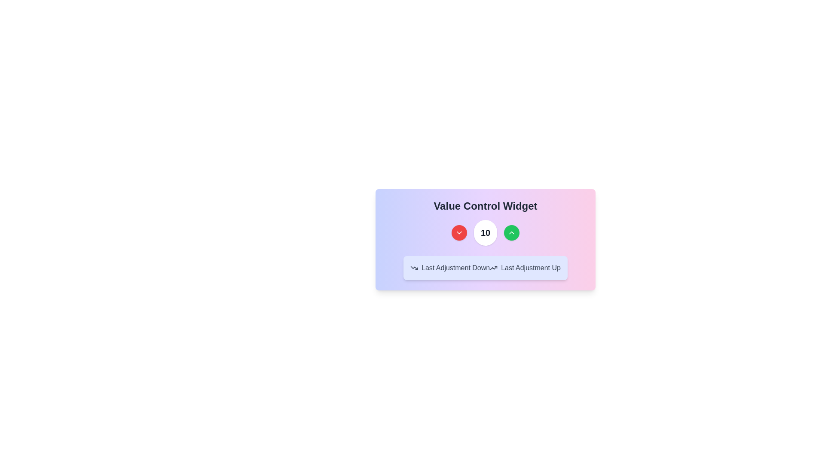  Describe the element at coordinates (494, 268) in the screenshot. I see `the trend direction icon located within the 'Last Adjustment Up' horizontal layout group at the far left of the accompanying text` at that location.